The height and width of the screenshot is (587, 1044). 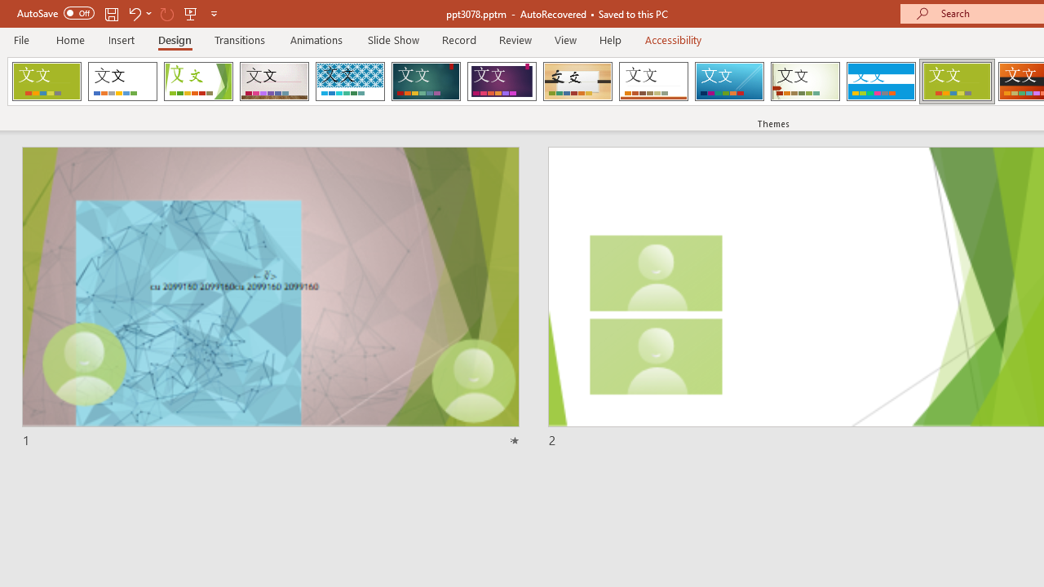 What do you see at coordinates (577, 82) in the screenshot?
I see `'Organic'` at bounding box center [577, 82].